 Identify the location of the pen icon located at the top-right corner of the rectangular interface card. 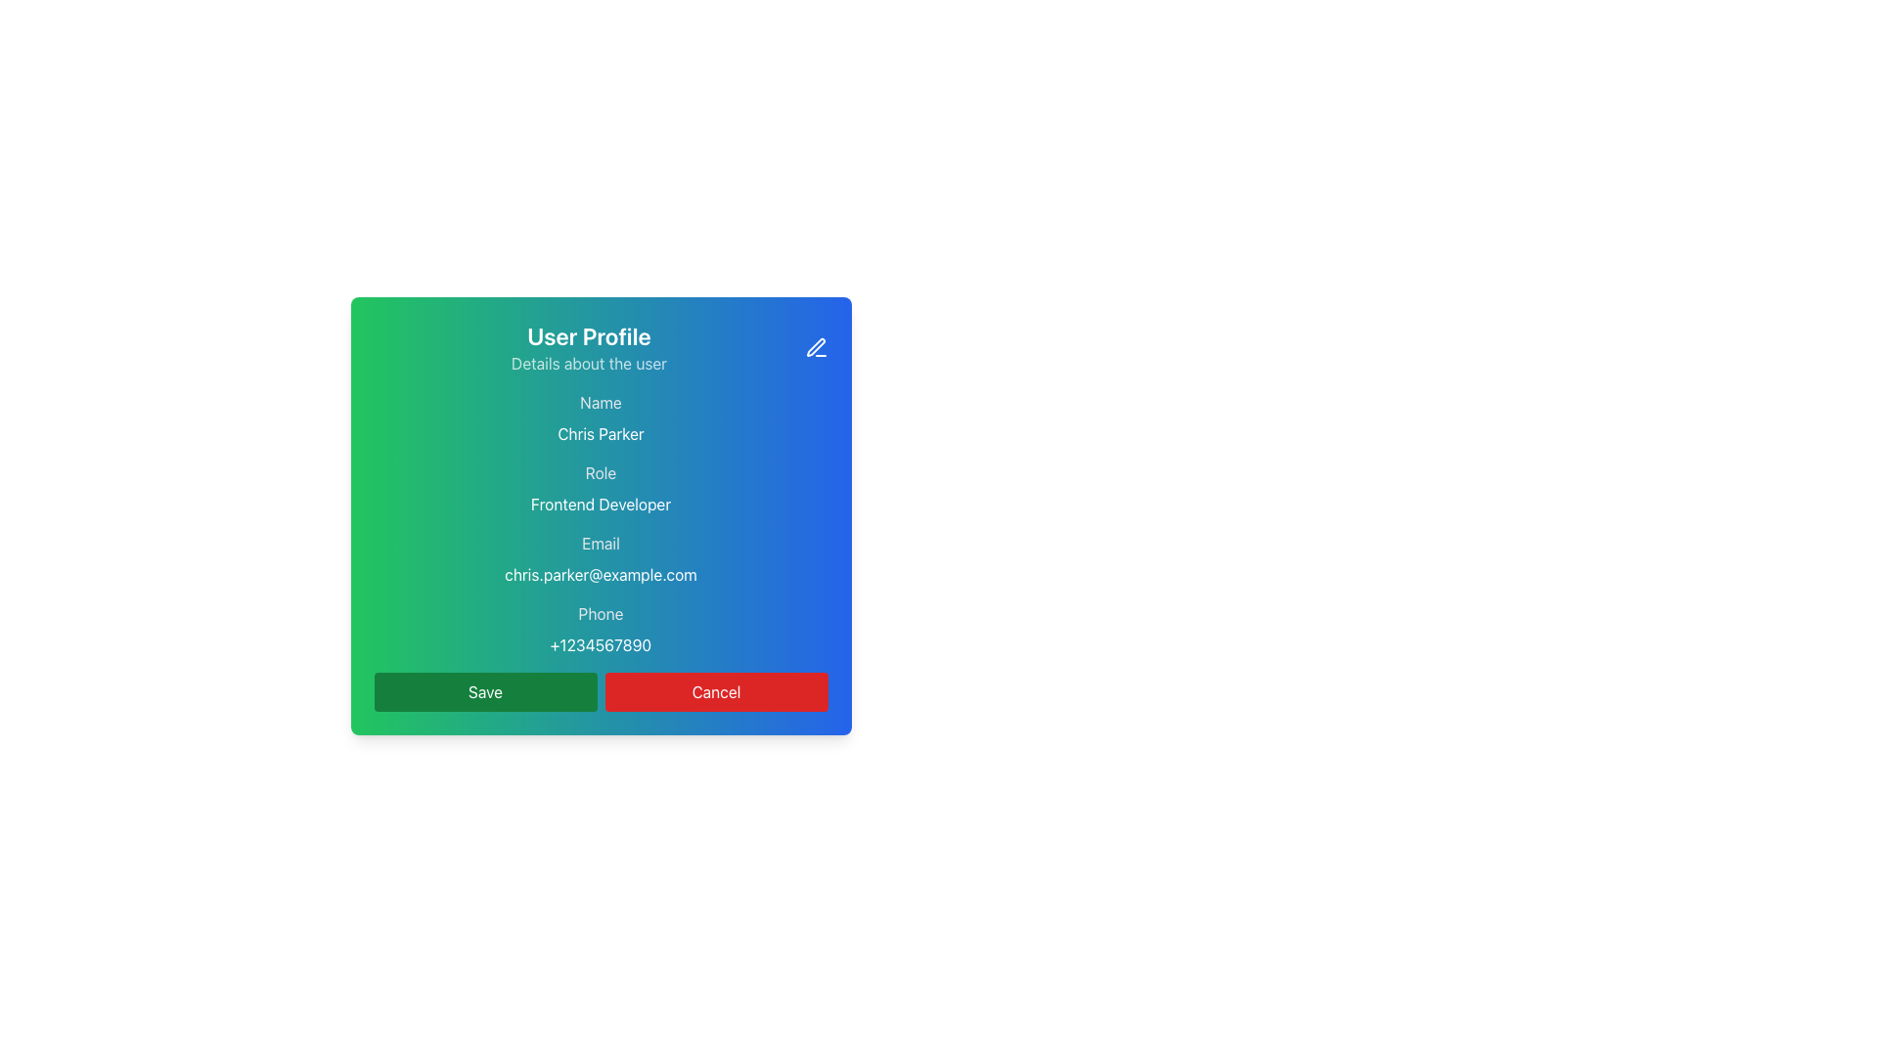
(816, 346).